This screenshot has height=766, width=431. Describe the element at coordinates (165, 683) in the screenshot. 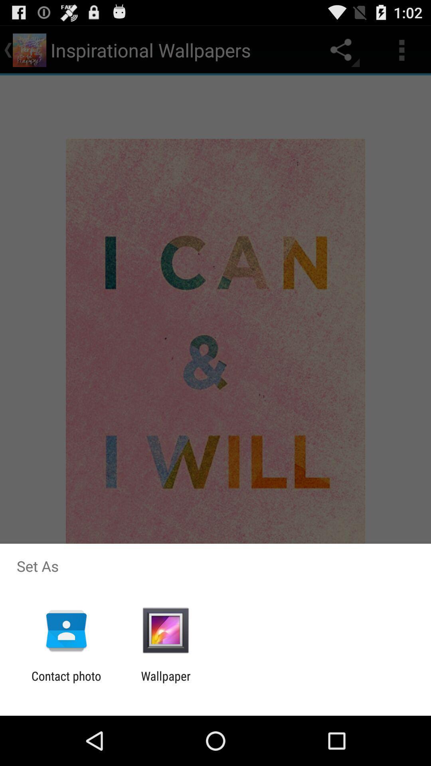

I see `icon next to the contact photo icon` at that location.